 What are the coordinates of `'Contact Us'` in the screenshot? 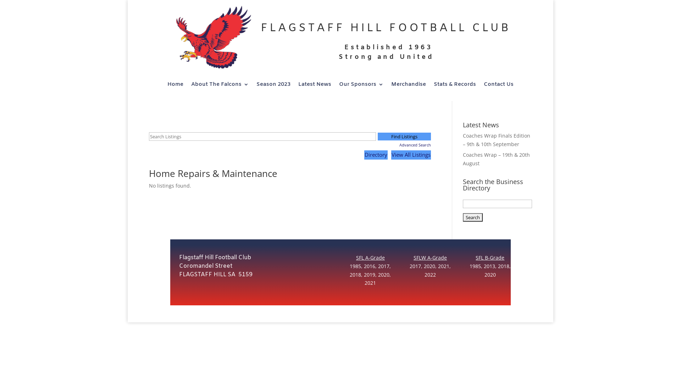 It's located at (498, 85).